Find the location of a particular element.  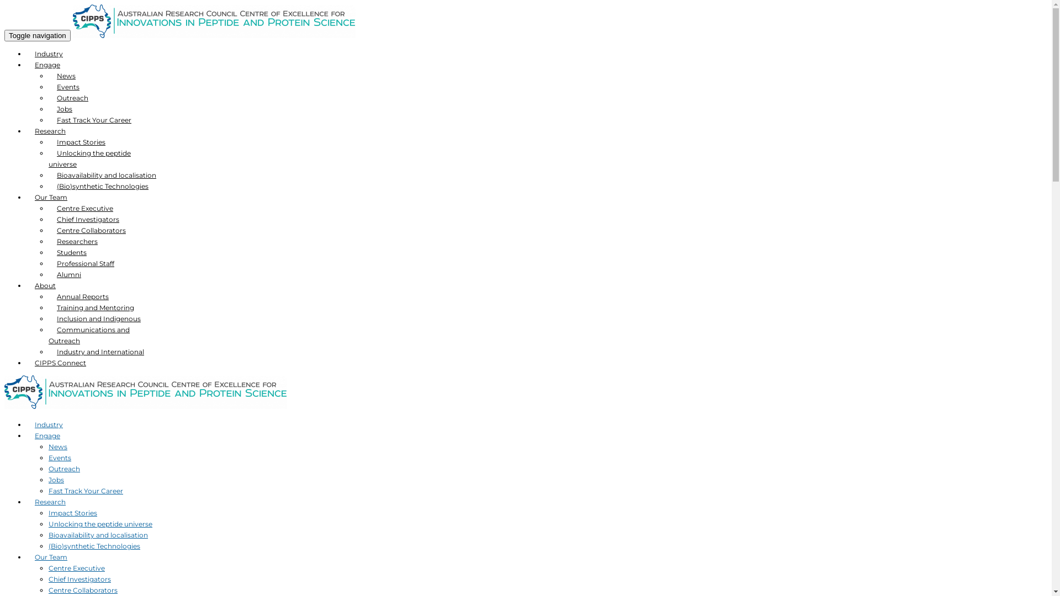

'Industry and International' is located at coordinates (100, 352).